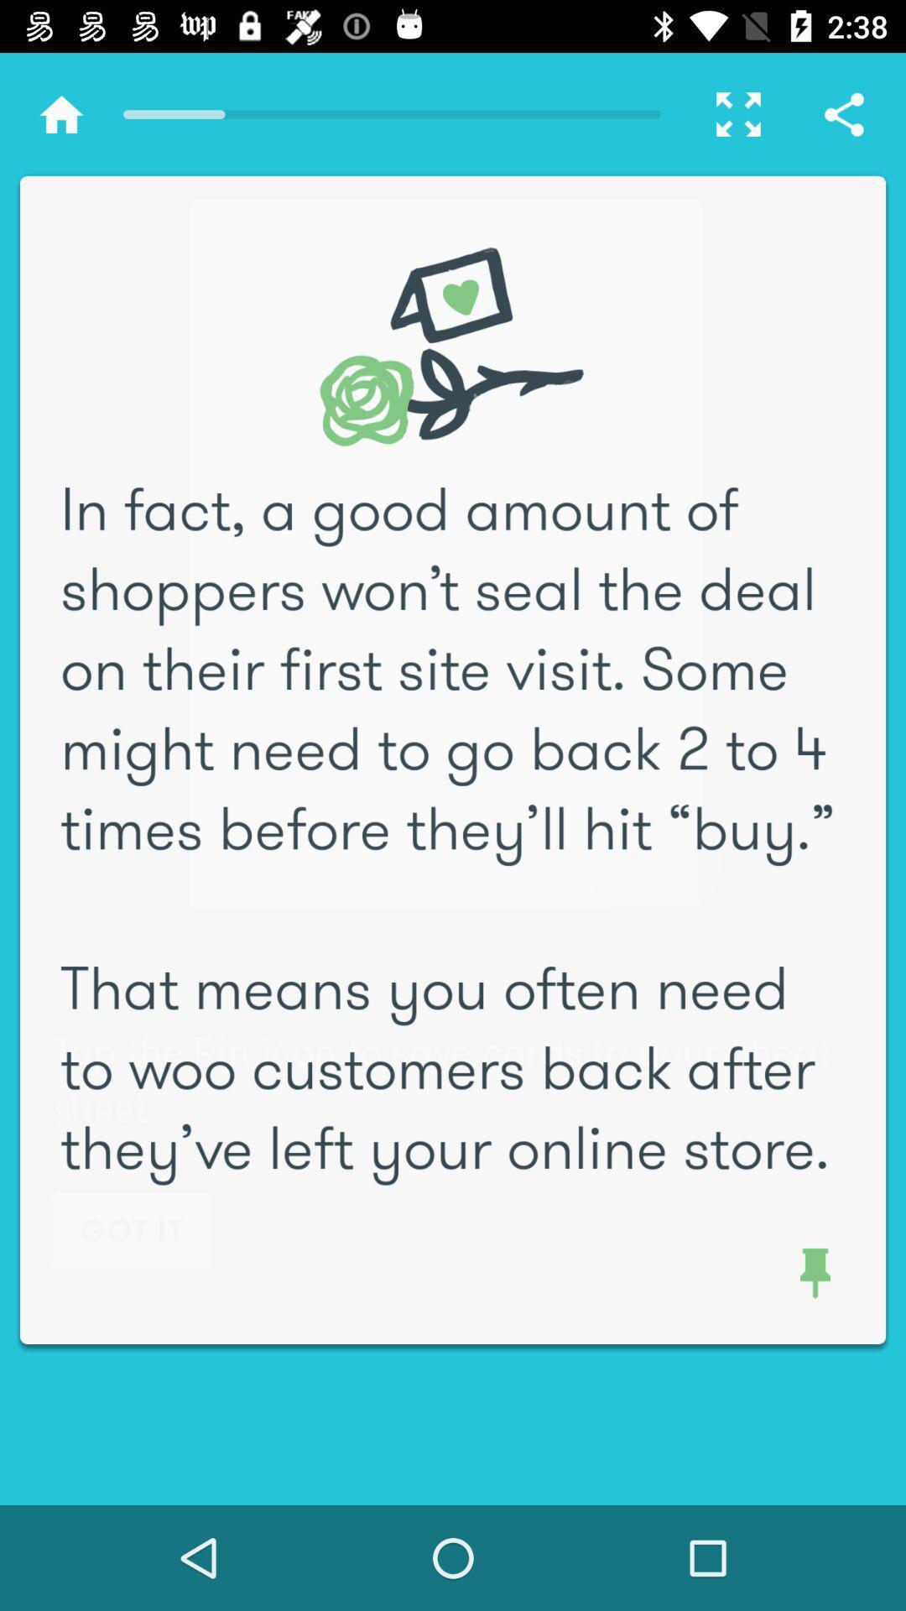 Image resolution: width=906 pixels, height=1611 pixels. What do you see at coordinates (60, 113) in the screenshot?
I see `the home icon` at bounding box center [60, 113].